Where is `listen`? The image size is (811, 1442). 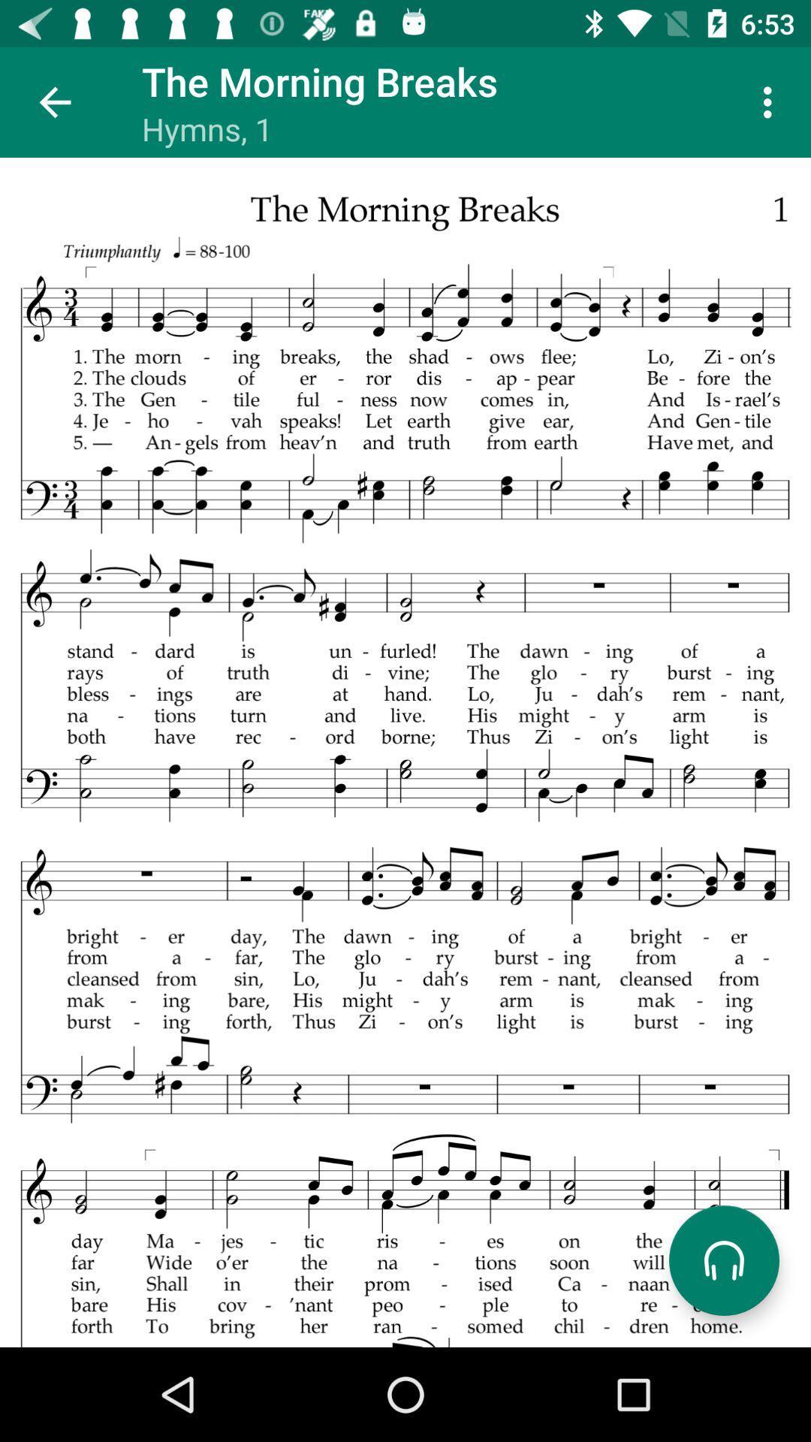
listen is located at coordinates (723, 1260).